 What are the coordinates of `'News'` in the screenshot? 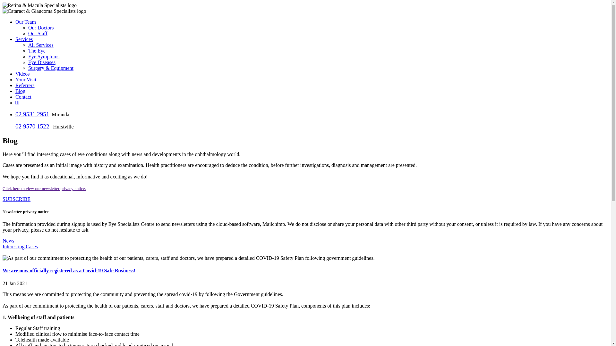 It's located at (8, 241).